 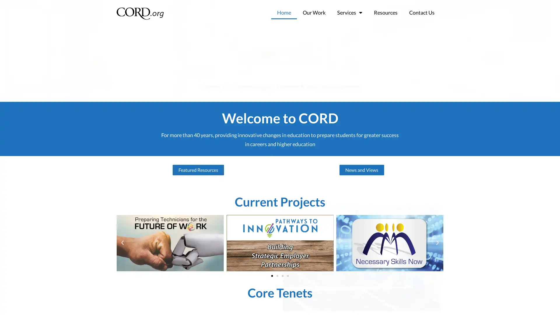 What do you see at coordinates (277, 276) in the screenshot?
I see `Go to slide 2` at bounding box center [277, 276].